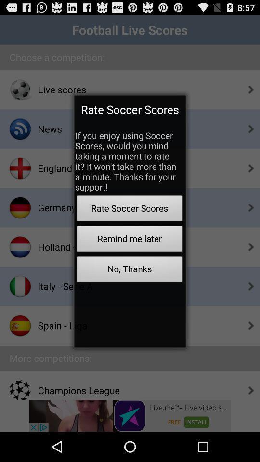  I want to click on button below the rate soccer scores icon, so click(130, 240).